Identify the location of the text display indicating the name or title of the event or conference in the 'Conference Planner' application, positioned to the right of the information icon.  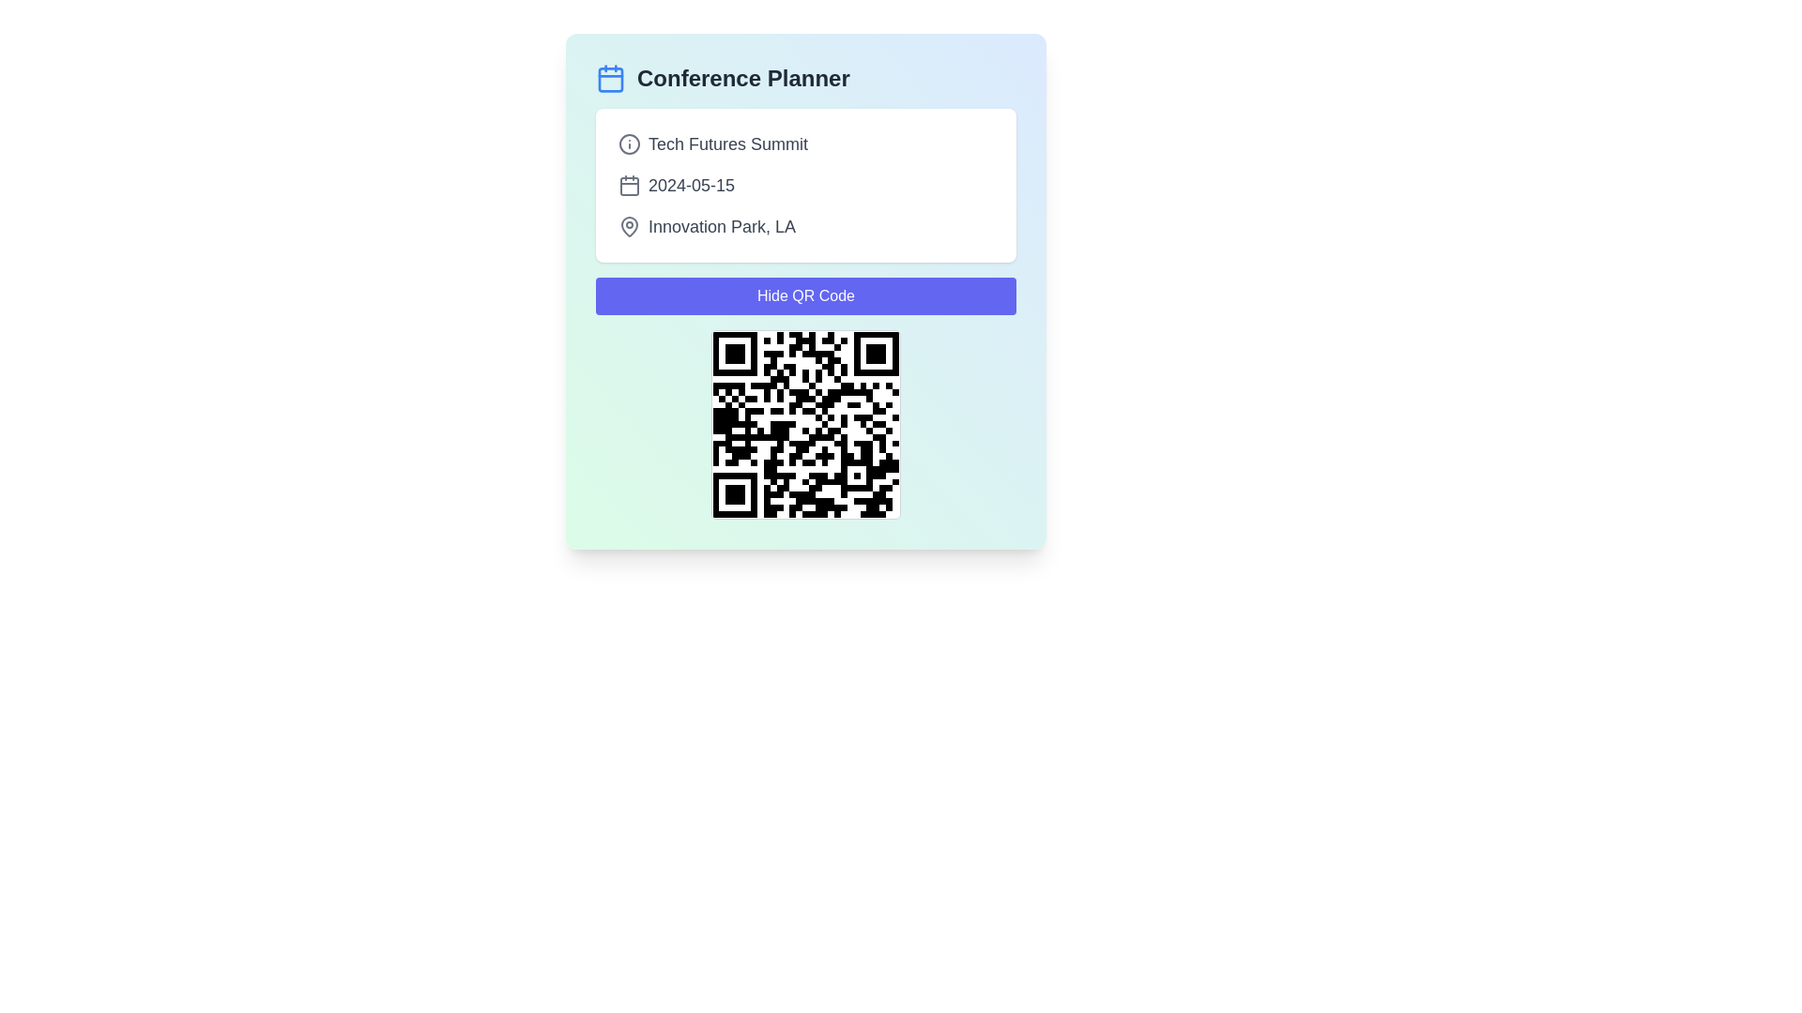
(727, 144).